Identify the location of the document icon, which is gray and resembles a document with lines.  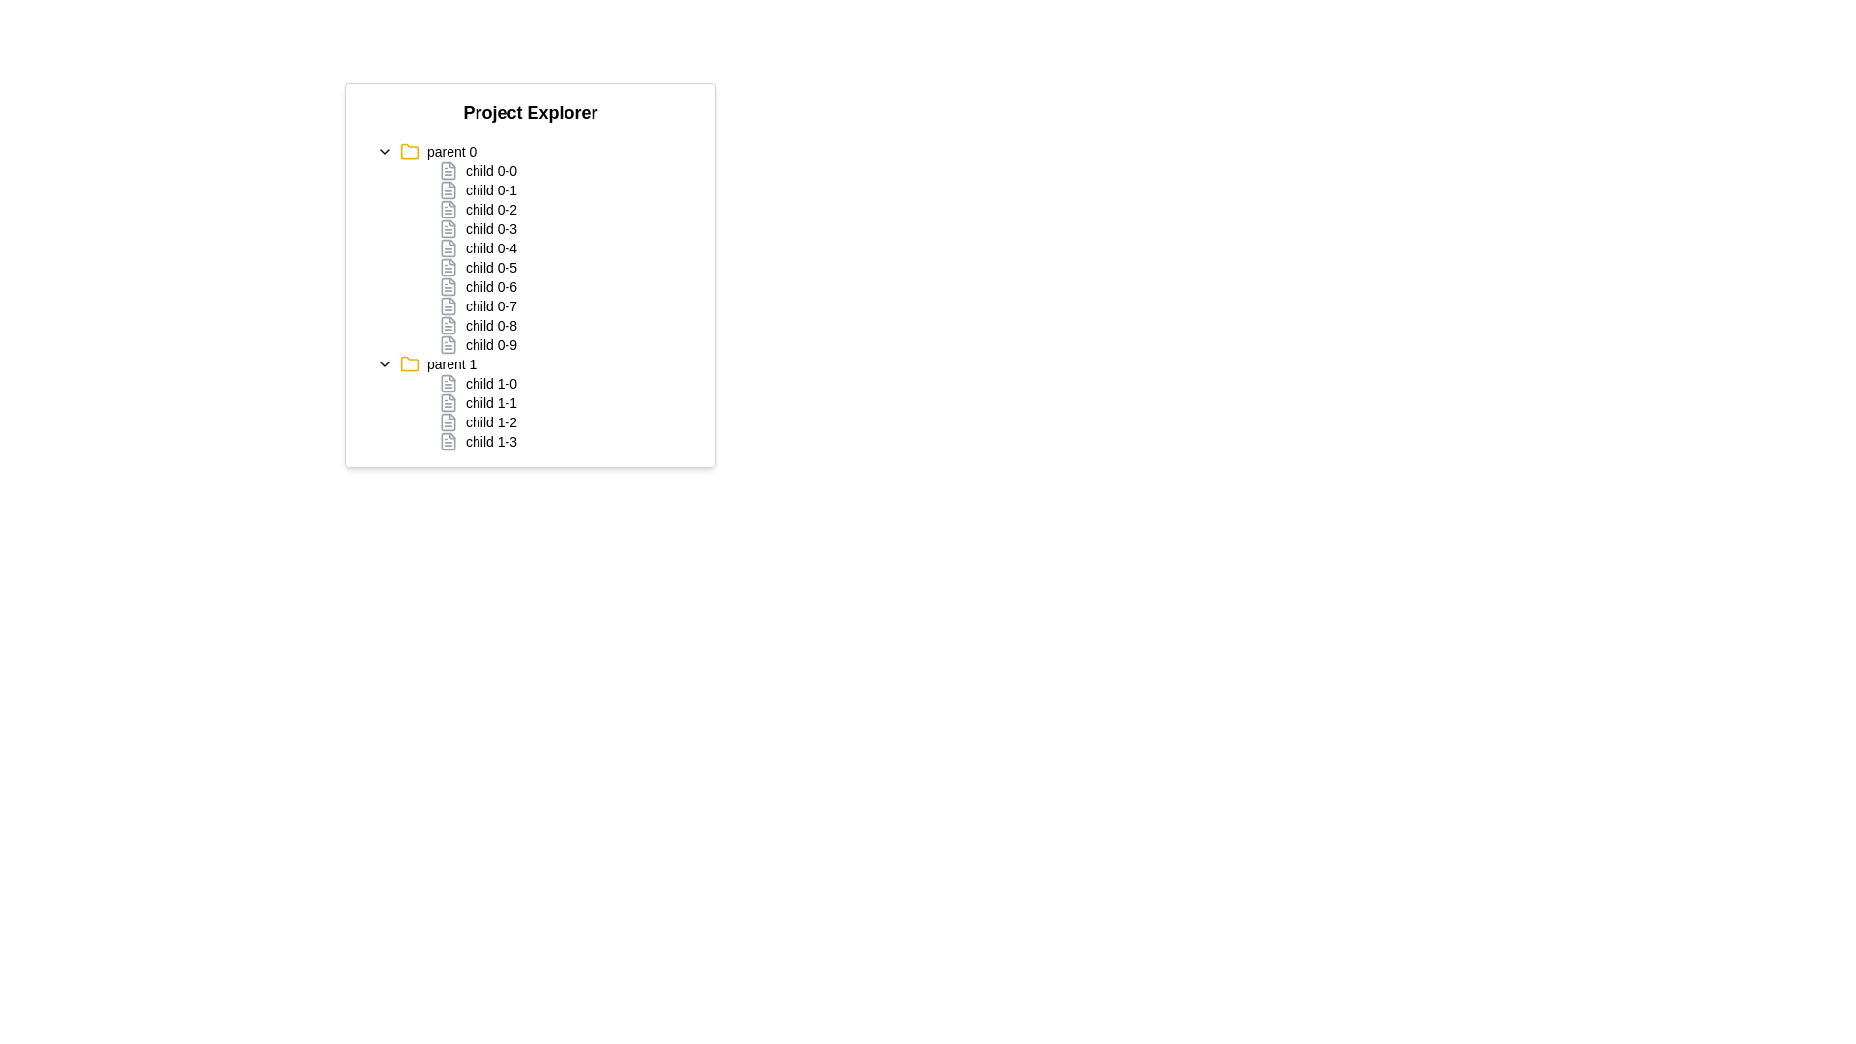
(448, 304).